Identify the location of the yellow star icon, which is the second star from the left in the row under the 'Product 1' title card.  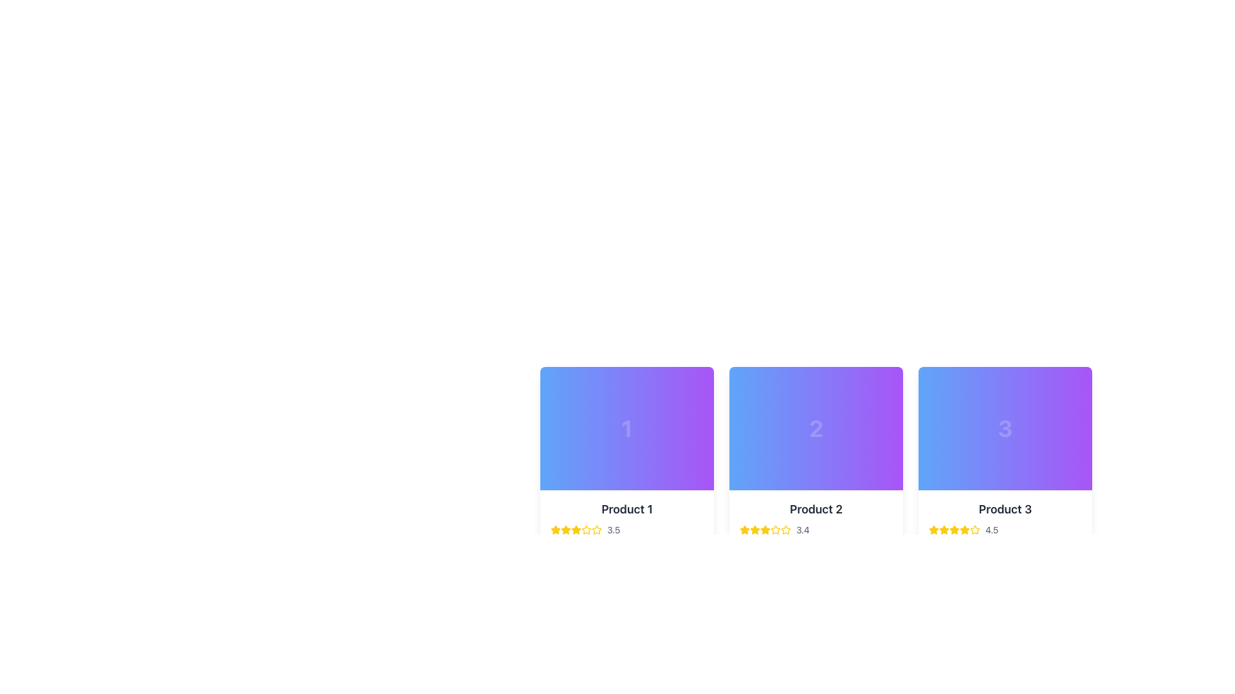
(565, 530).